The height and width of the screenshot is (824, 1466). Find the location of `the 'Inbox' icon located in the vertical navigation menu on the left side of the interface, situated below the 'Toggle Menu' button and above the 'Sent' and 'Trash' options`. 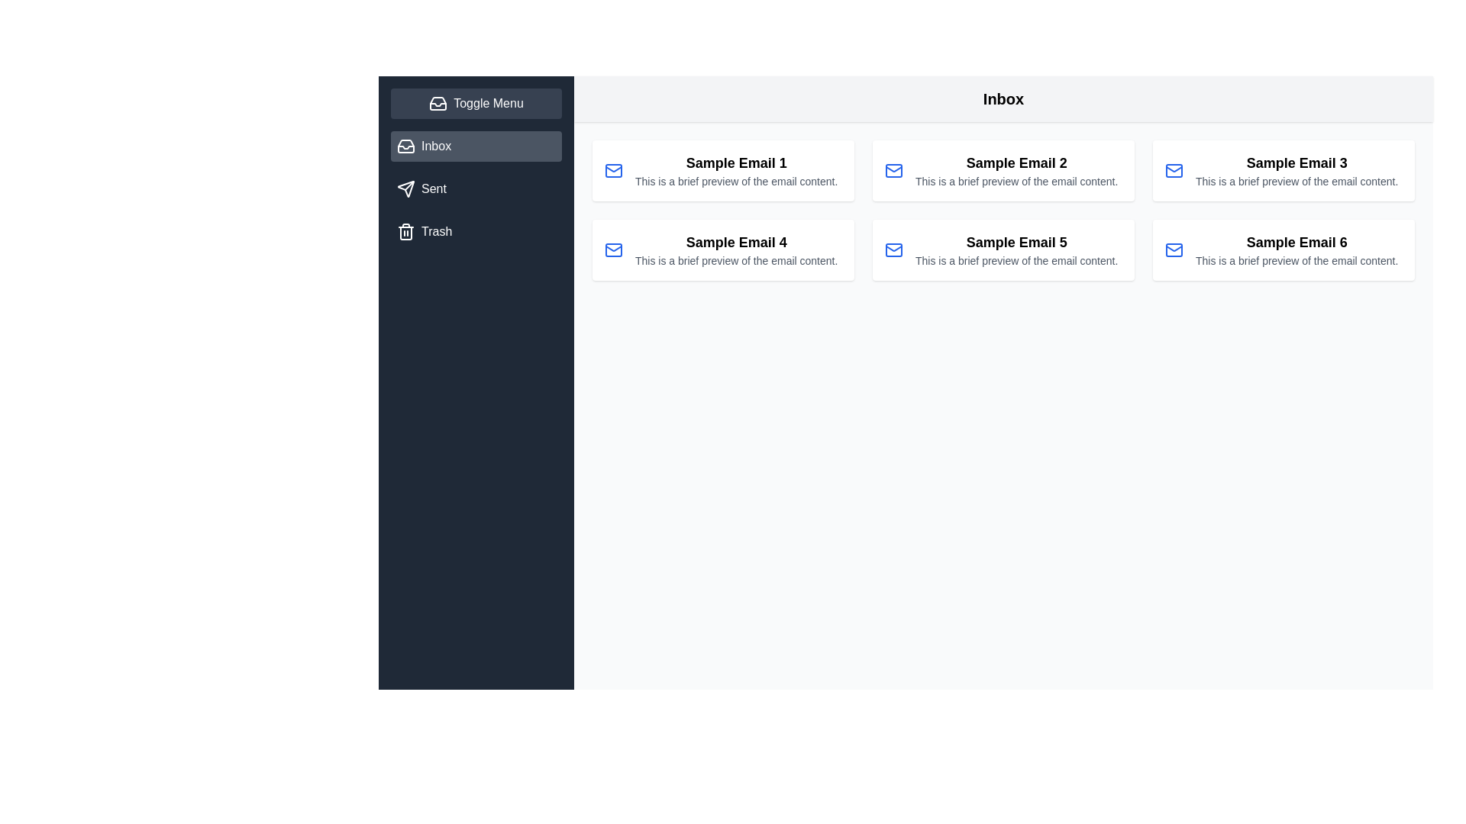

the 'Inbox' icon located in the vertical navigation menu on the left side of the interface, situated below the 'Toggle Menu' button and above the 'Sent' and 'Trash' options is located at coordinates (406, 146).